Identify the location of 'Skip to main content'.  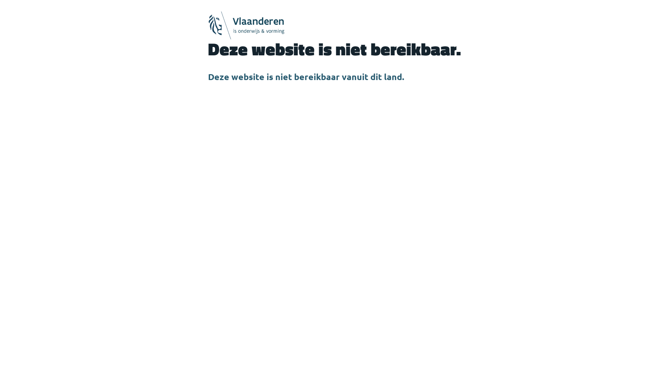
(0, 0).